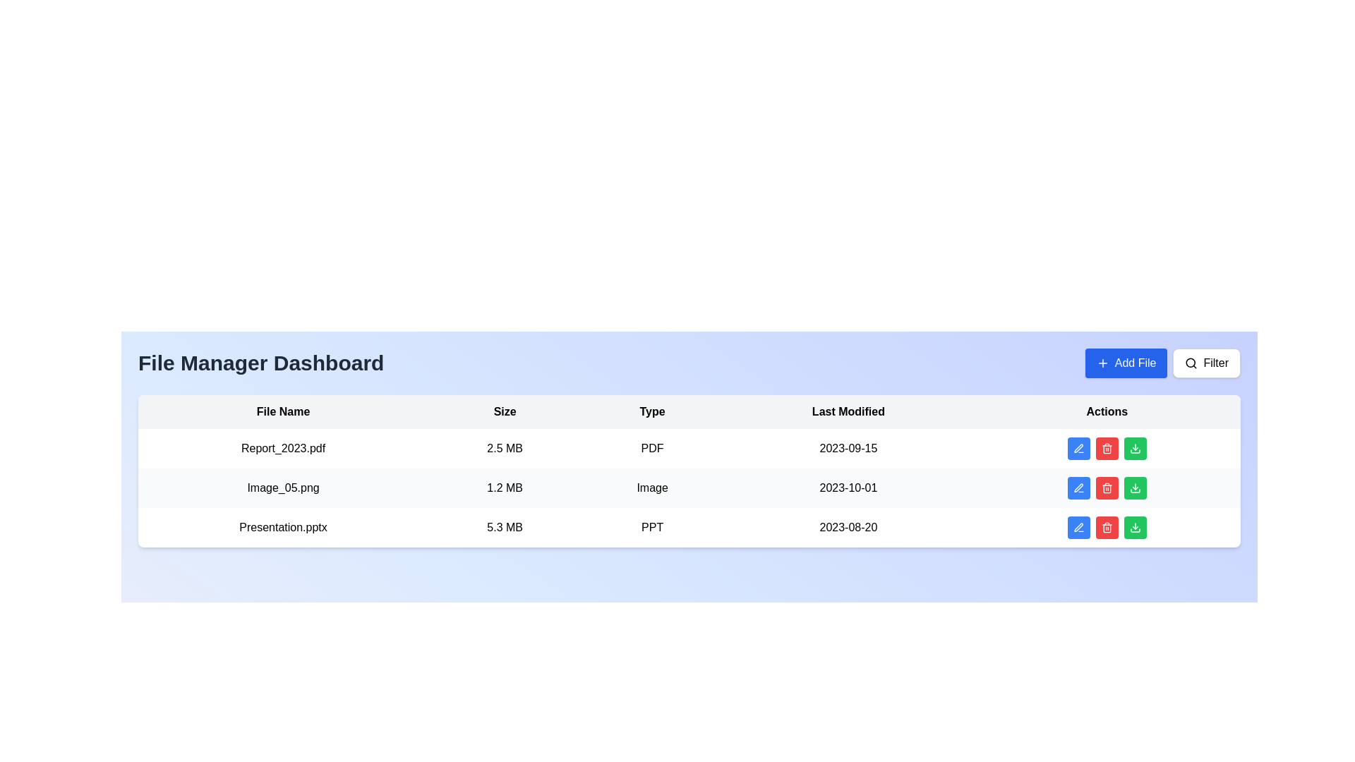 The width and height of the screenshot is (1355, 762). Describe the element at coordinates (1126, 363) in the screenshot. I see `the 'Add File' button located in the top-right area of the interface, styled with a blue background and a white '+' icon` at that location.